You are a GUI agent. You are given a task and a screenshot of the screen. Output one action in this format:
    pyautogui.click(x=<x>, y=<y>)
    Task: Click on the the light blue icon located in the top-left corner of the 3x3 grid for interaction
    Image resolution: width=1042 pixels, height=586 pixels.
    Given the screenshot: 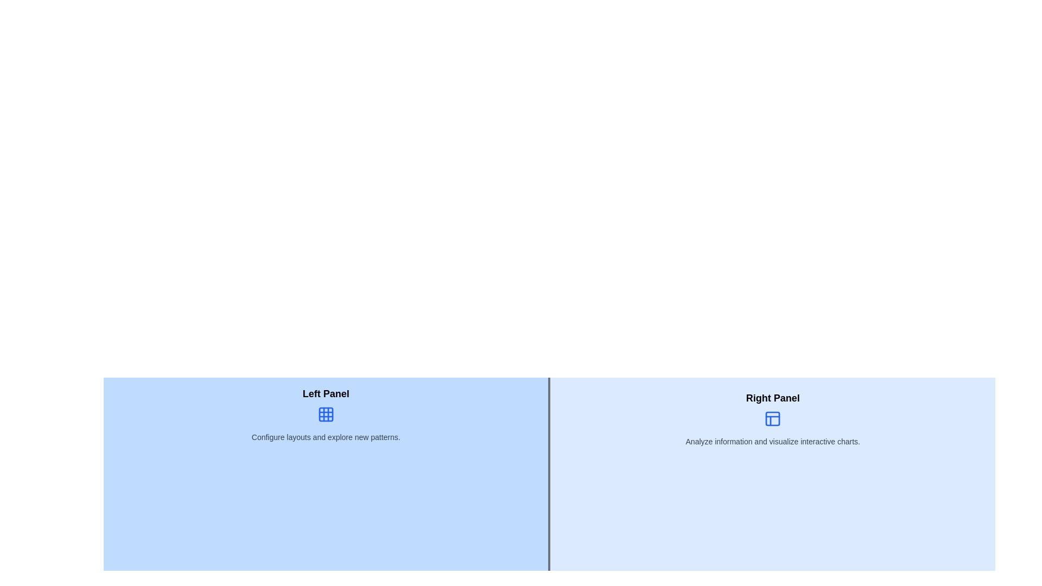 What is the action you would take?
    pyautogui.click(x=325, y=414)
    